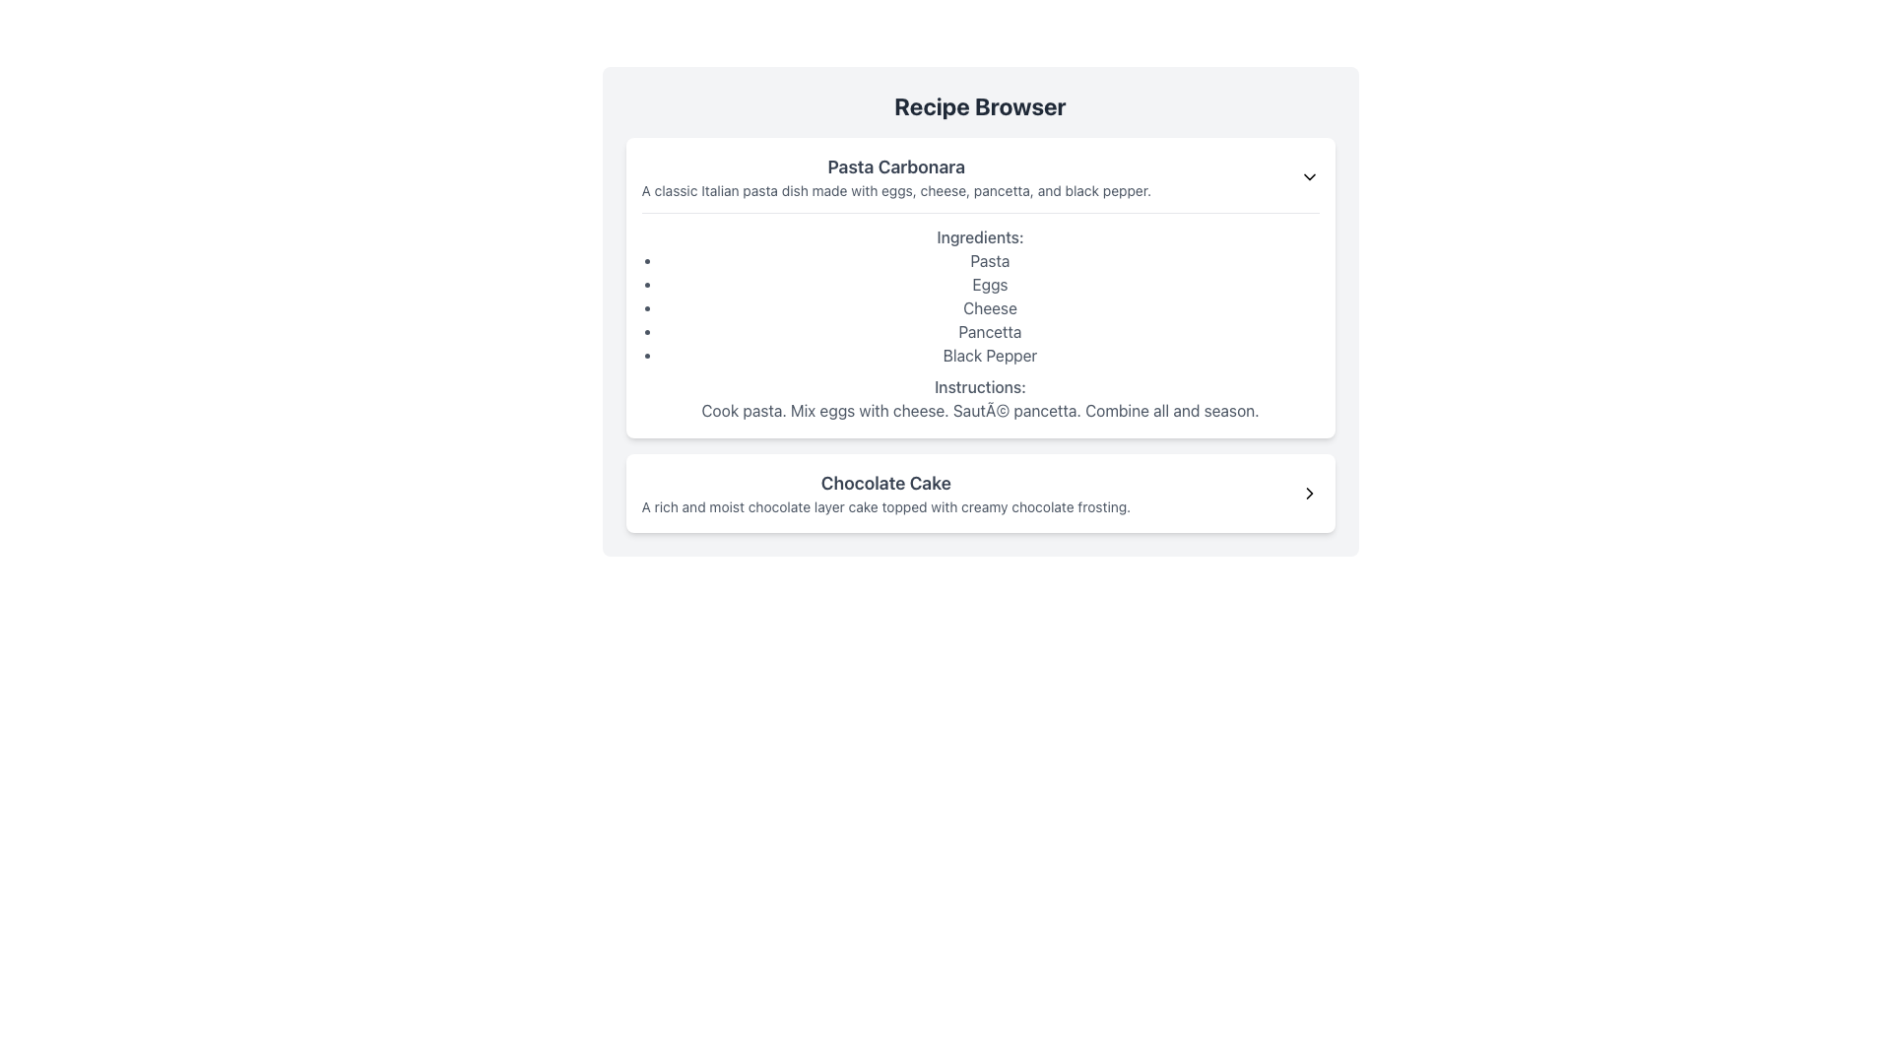 The image size is (1891, 1064). I want to click on each item in the ingredients list located under the title 'Ingredients:' before the 'Instructions:' section, so click(990, 307).